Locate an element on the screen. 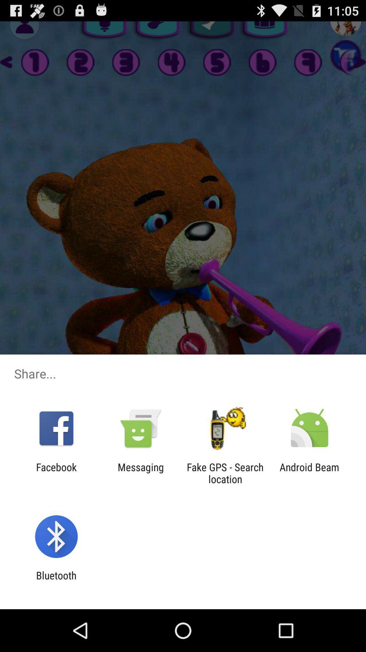 Image resolution: width=366 pixels, height=652 pixels. icon to the right of facebook item is located at coordinates (140, 473).